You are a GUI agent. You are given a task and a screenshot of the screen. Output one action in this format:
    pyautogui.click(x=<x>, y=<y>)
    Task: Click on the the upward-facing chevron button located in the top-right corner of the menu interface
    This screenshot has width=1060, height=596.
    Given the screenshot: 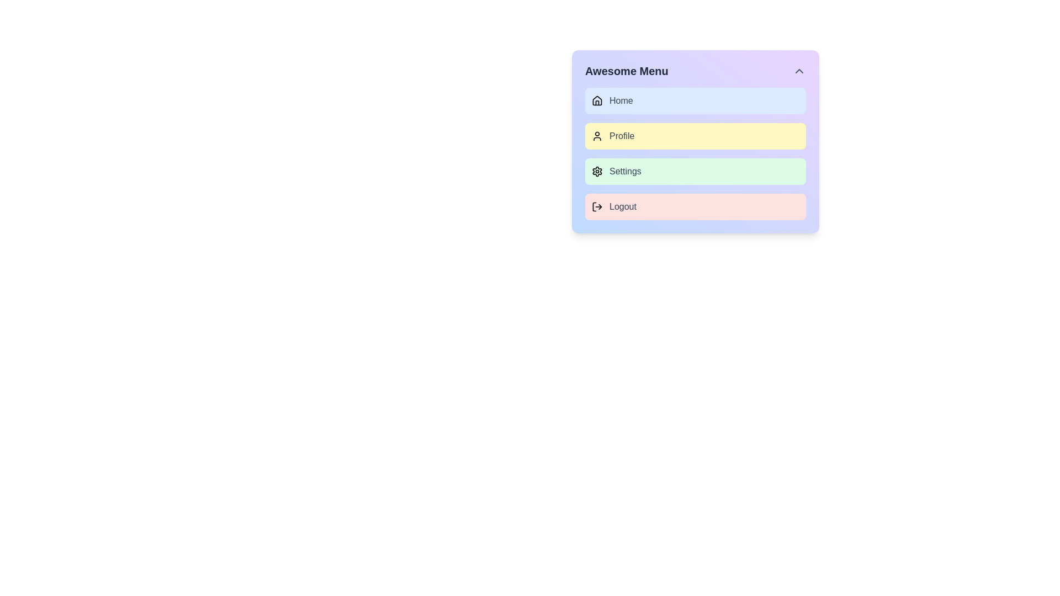 What is the action you would take?
    pyautogui.click(x=799, y=71)
    